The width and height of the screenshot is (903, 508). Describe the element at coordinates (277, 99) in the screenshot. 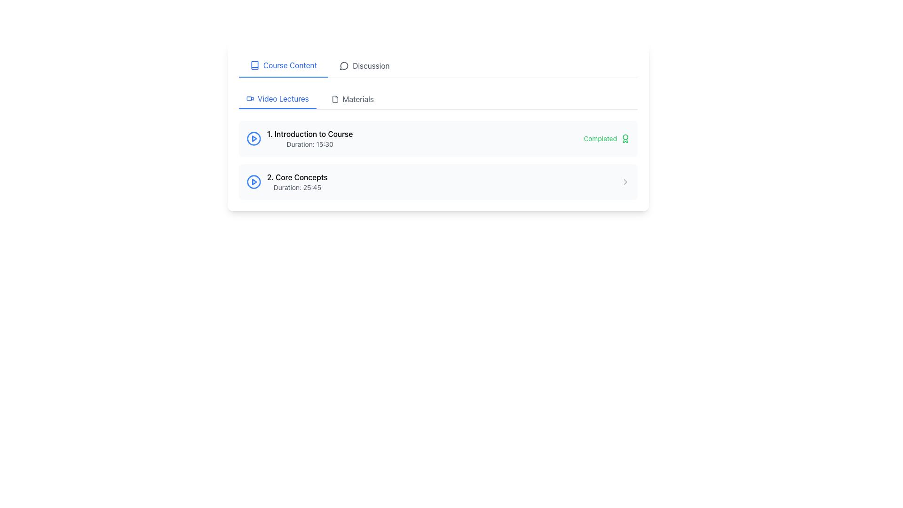

I see `the 'Video Lectures' tab-like button, which is the first tab in the navigation bar` at that location.